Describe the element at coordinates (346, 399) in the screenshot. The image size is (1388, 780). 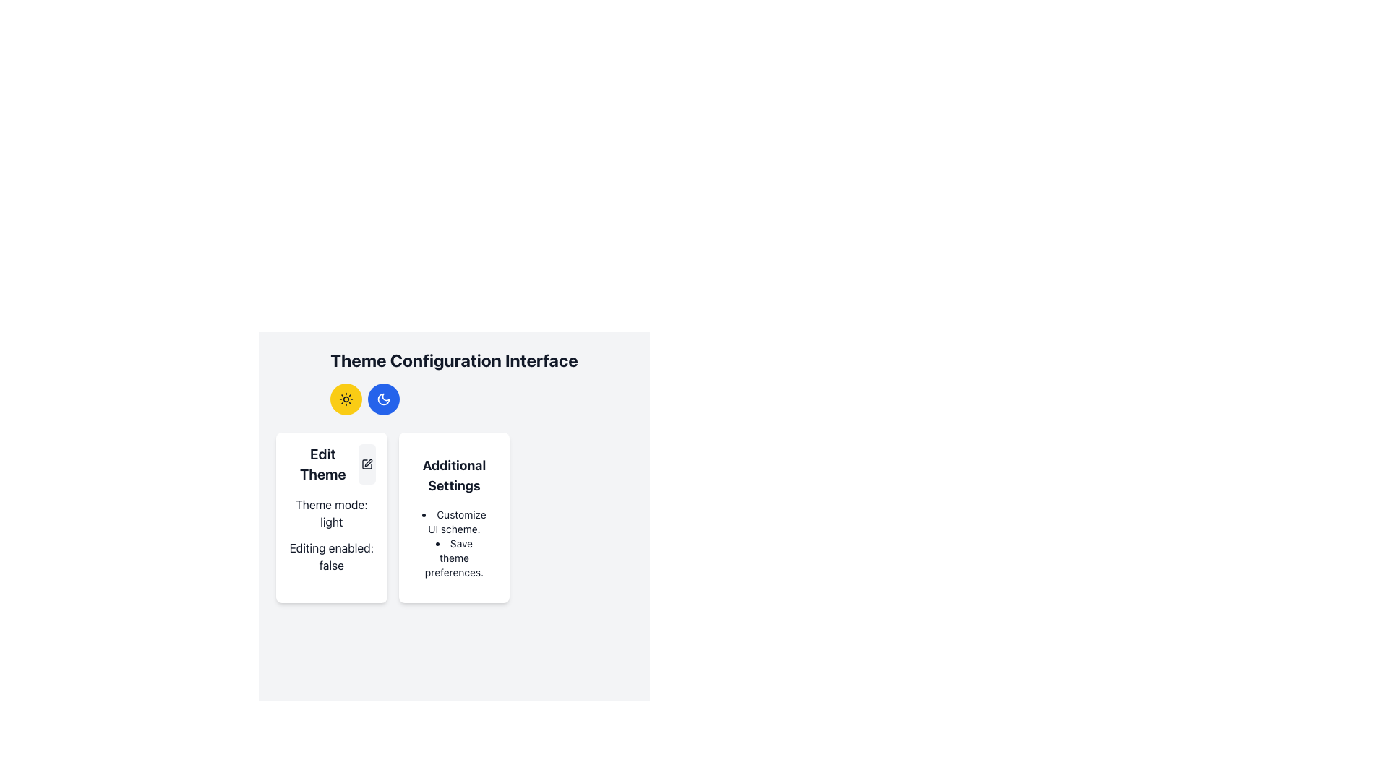
I see `the circular yellow button icon that indicates the activation of a light theme` at that location.